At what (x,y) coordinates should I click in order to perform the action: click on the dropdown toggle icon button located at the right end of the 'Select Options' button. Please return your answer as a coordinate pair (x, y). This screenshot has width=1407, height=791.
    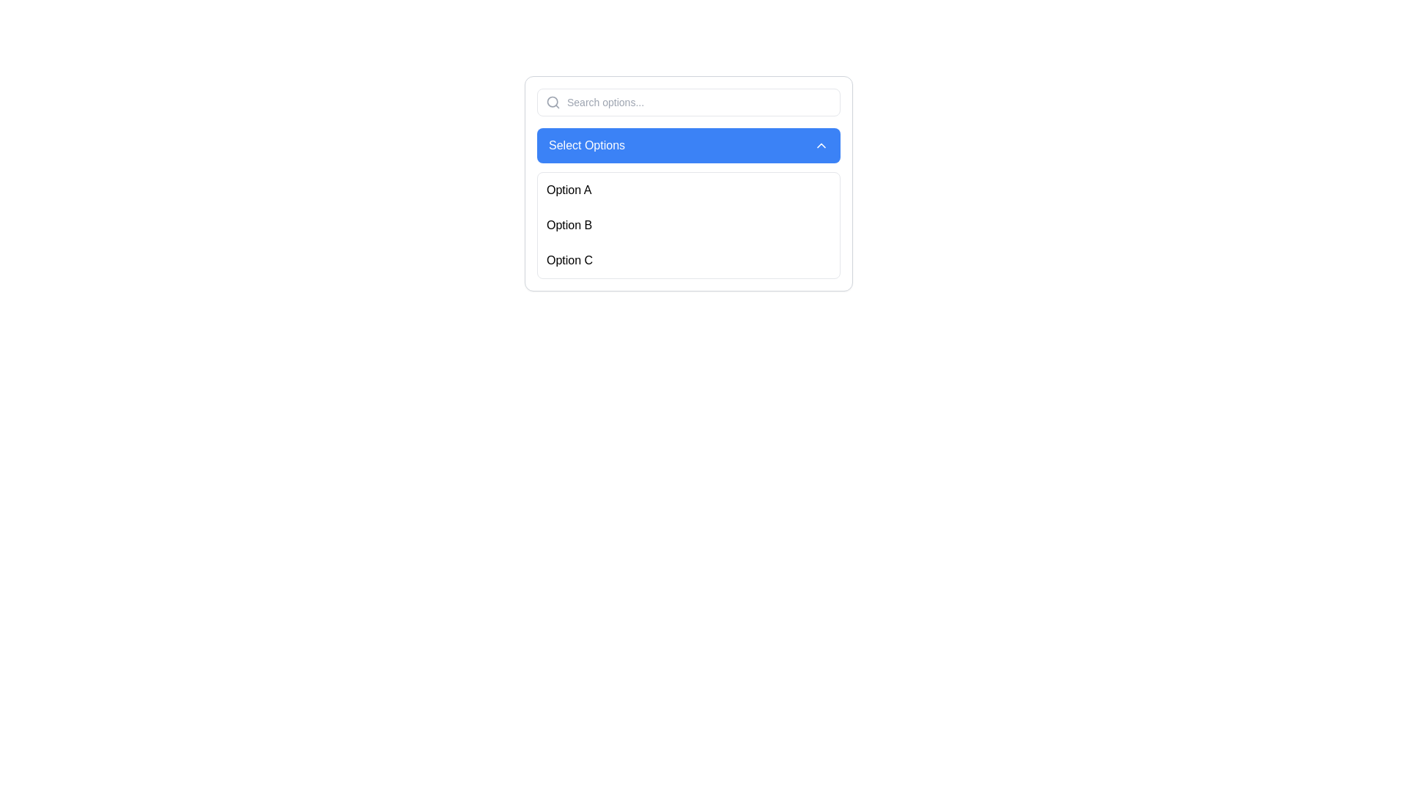
    Looking at the image, I should click on (821, 146).